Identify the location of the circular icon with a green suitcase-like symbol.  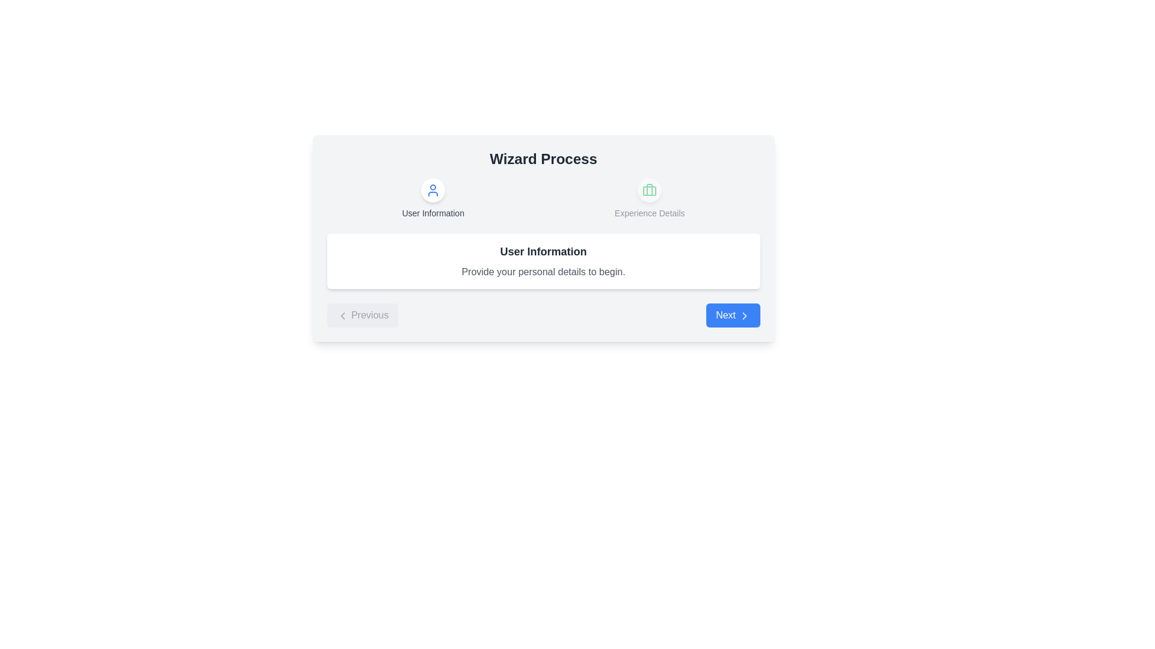
(649, 189).